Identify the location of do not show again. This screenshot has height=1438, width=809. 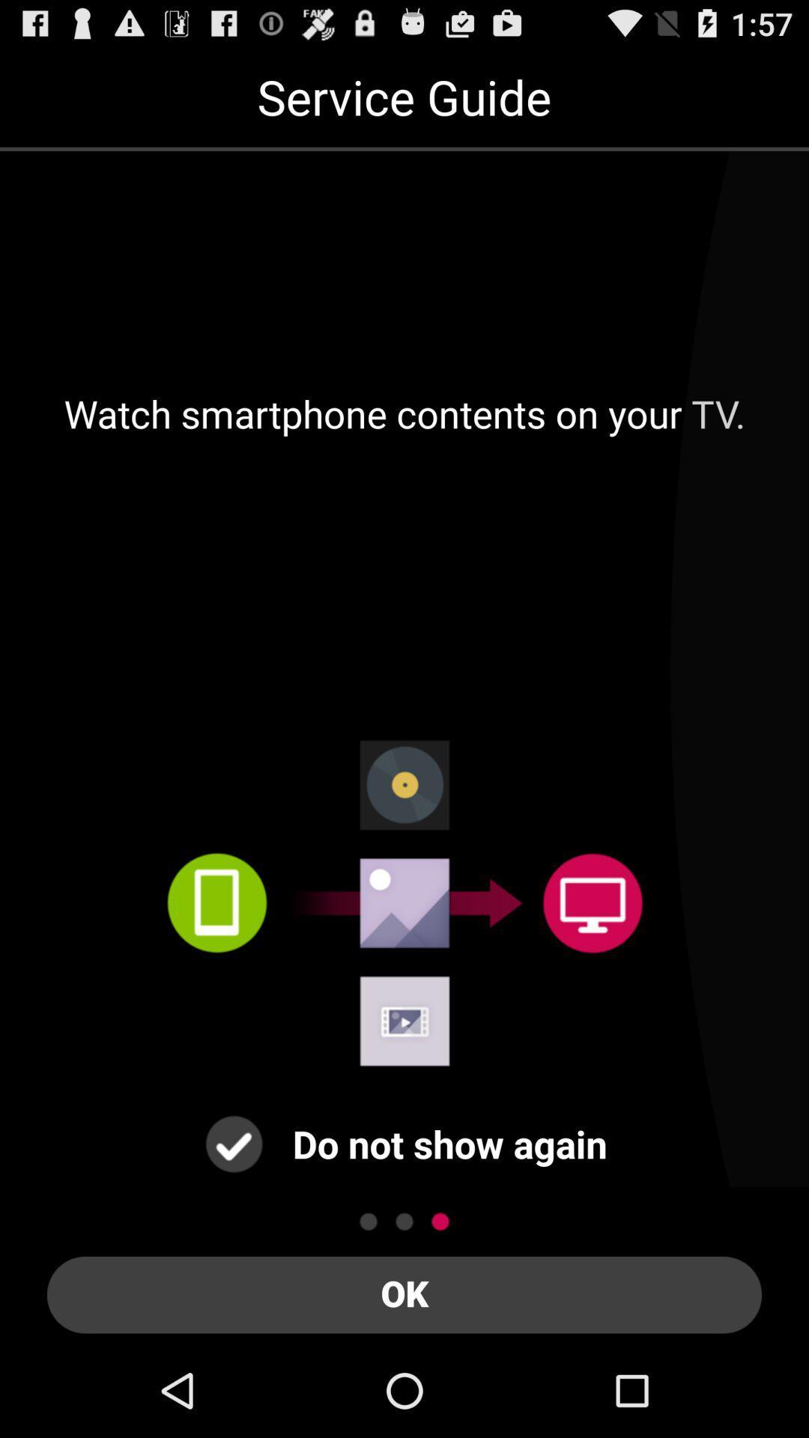
(234, 1143).